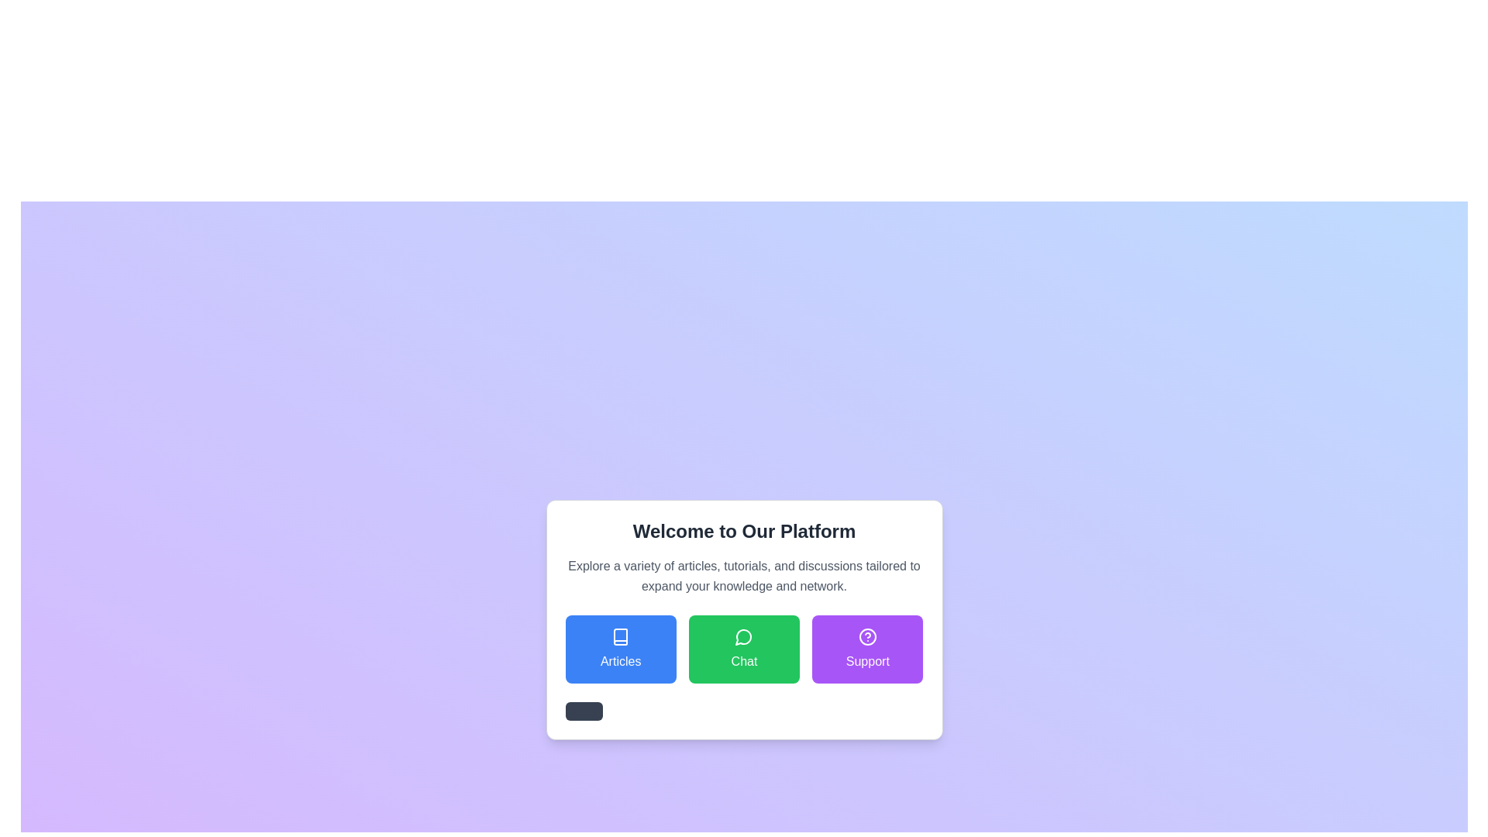 Image resolution: width=1488 pixels, height=837 pixels. Describe the element at coordinates (744, 558) in the screenshot. I see `the purpose of the platform` at that location.